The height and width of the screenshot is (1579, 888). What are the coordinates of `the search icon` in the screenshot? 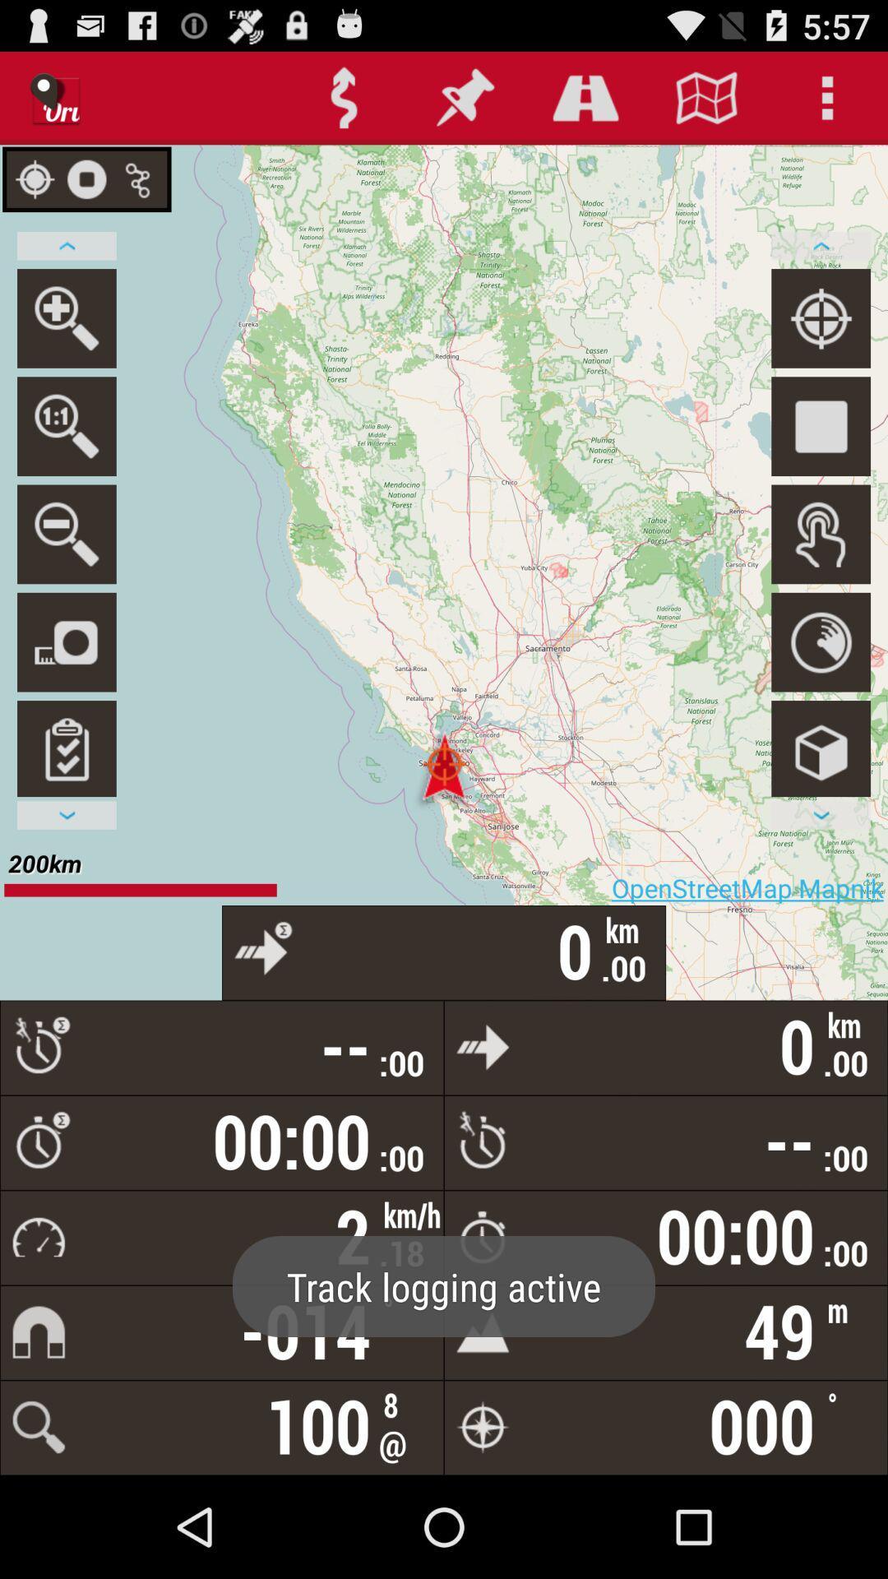 It's located at (66, 340).